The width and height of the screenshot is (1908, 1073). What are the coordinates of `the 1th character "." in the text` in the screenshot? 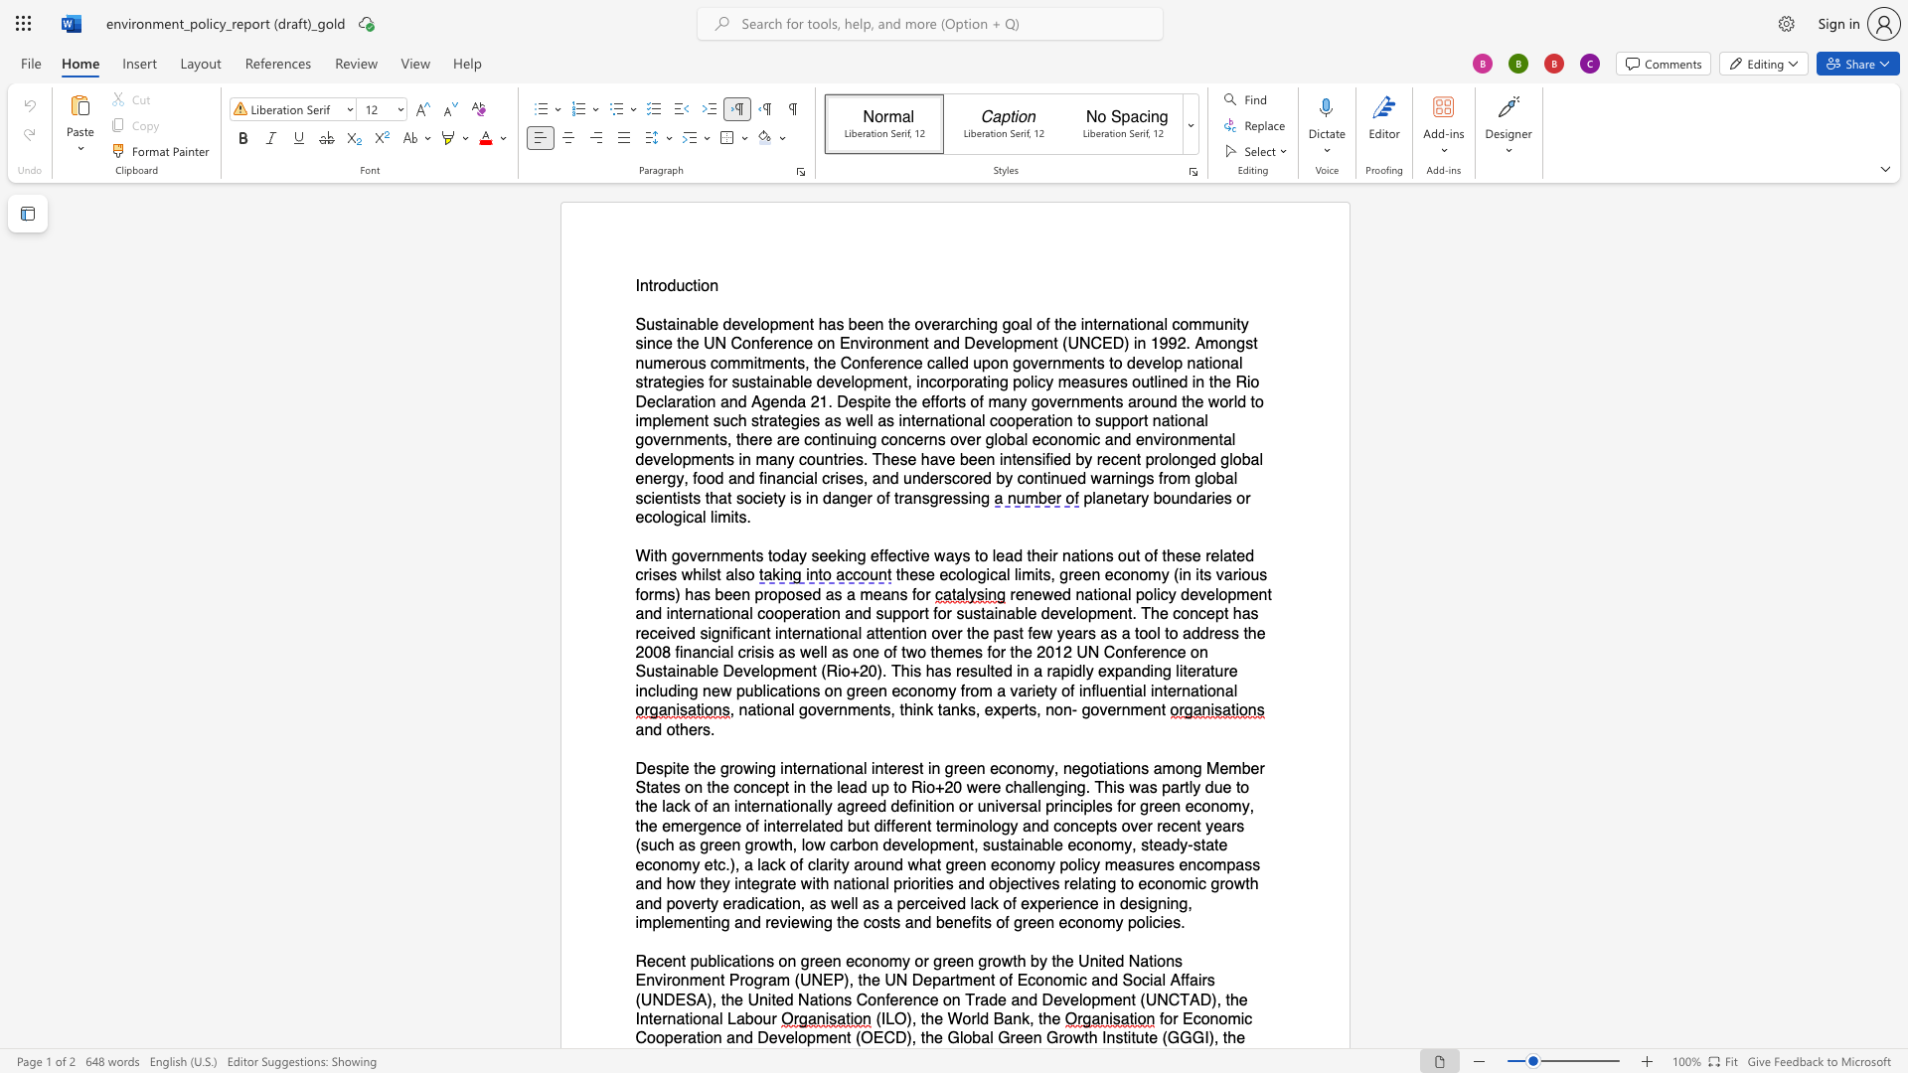 It's located at (747, 517).